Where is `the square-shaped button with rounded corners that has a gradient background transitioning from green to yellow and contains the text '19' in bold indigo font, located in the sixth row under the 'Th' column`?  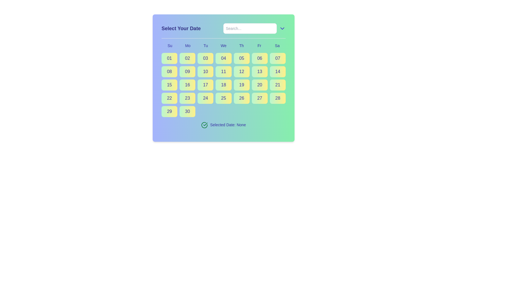
the square-shaped button with rounded corners that has a gradient background transitioning from green to yellow and contains the text '19' in bold indigo font, located in the sixth row under the 'Th' column is located at coordinates (242, 85).